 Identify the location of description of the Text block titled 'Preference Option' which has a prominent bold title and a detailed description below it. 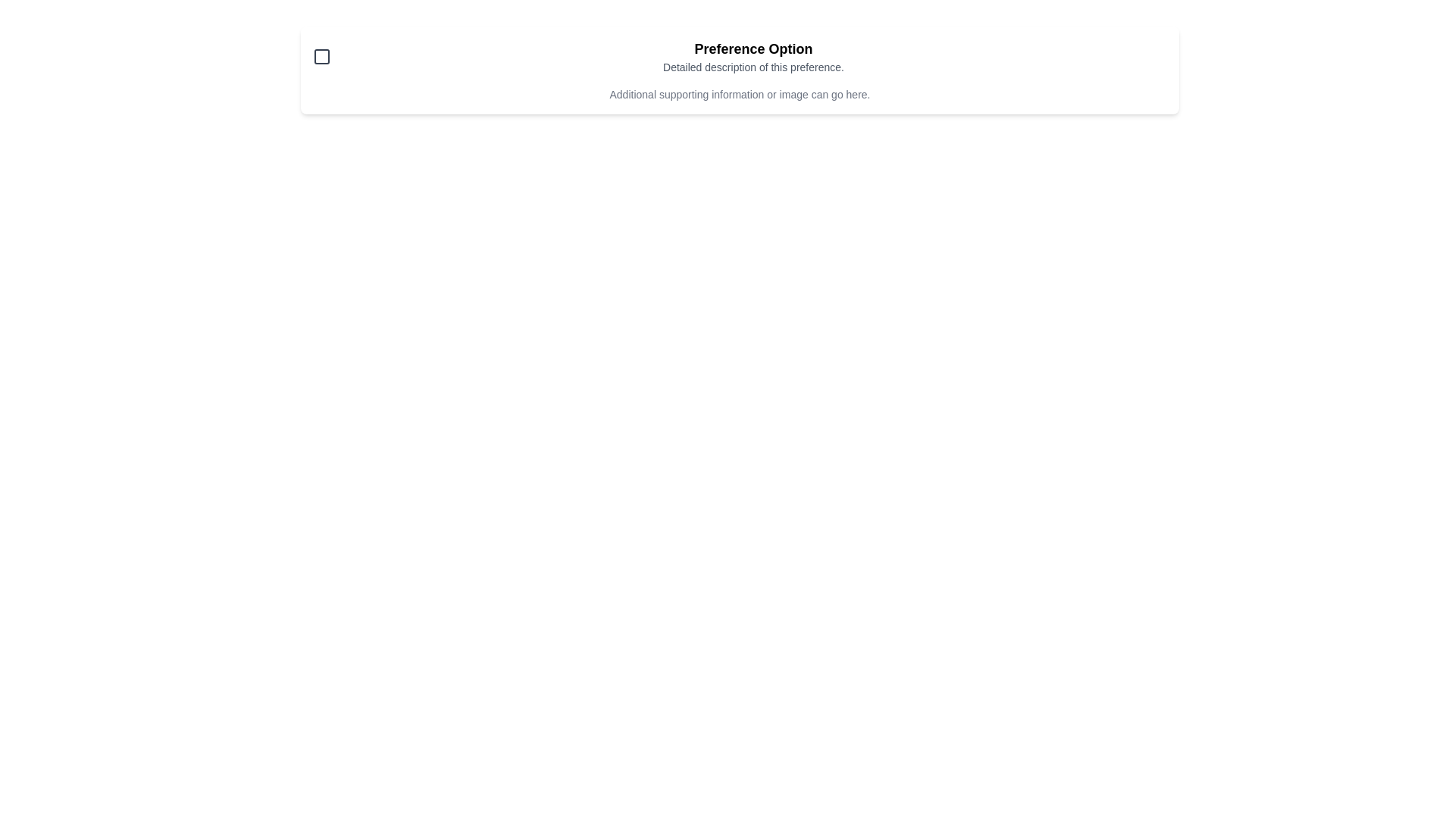
(753, 55).